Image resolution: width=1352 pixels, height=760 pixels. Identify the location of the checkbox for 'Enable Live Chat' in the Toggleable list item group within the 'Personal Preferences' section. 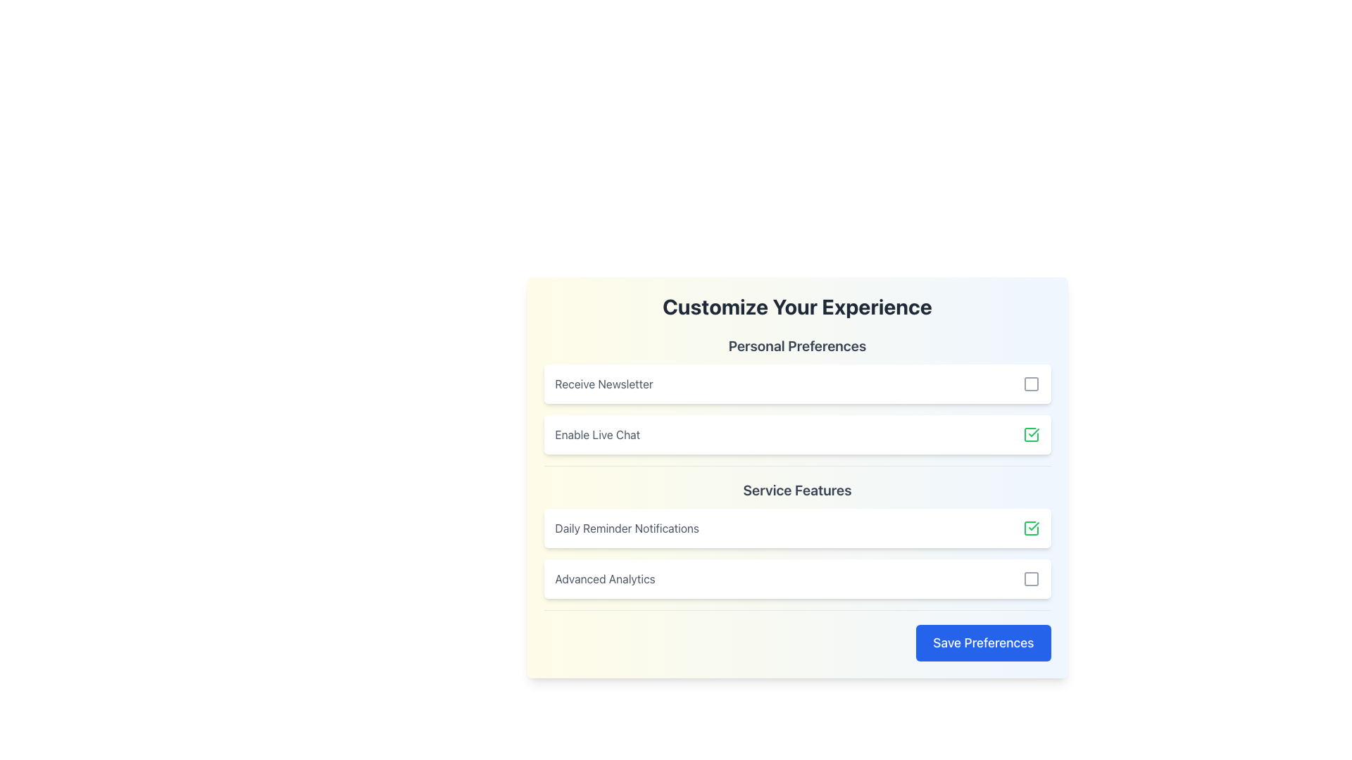
(797, 410).